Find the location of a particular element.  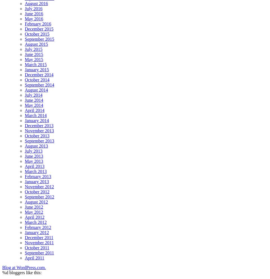

'October 2012' is located at coordinates (25, 192).